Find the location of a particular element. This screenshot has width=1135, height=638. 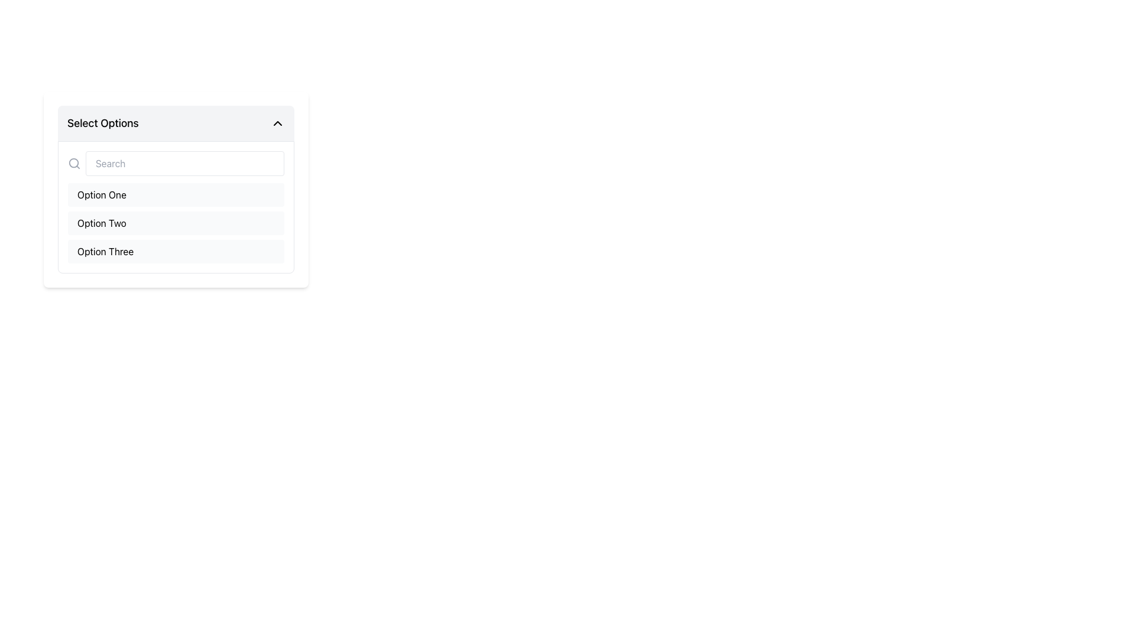

the second item in the dropdown list is located at coordinates (175, 223).